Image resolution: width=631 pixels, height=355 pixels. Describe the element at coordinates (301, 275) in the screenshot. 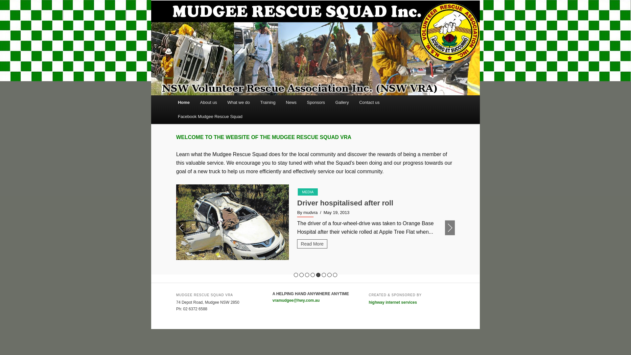

I see `'2'` at that location.